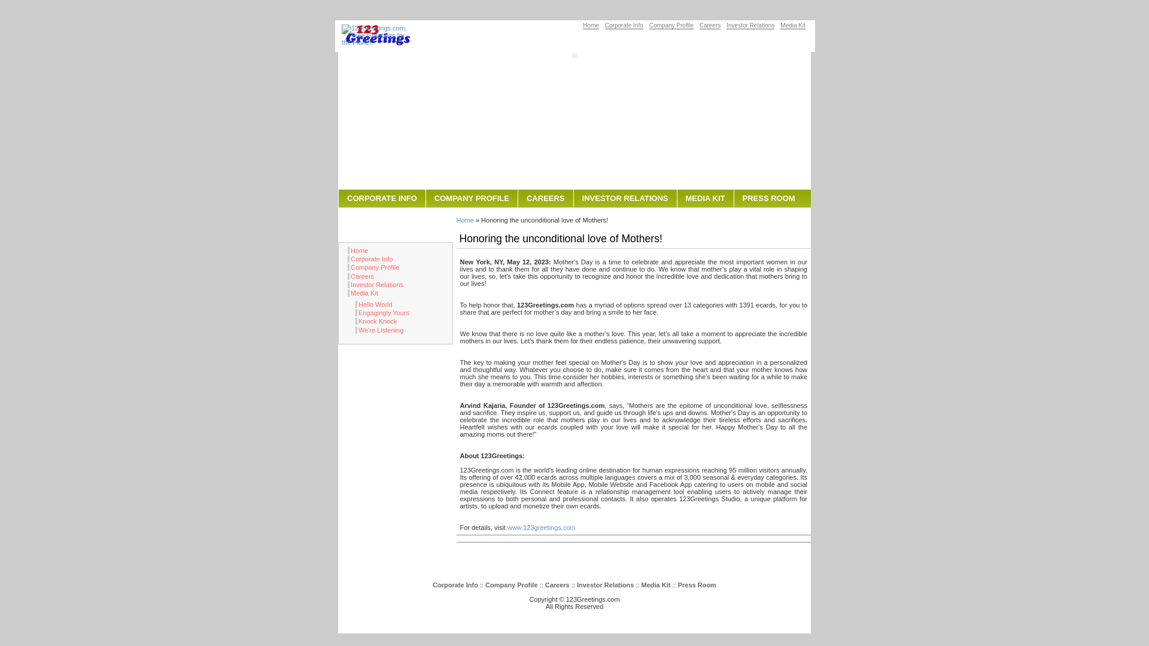  Describe the element at coordinates (425, 197) in the screenshot. I see `'COMPANY PROFILE'` at that location.